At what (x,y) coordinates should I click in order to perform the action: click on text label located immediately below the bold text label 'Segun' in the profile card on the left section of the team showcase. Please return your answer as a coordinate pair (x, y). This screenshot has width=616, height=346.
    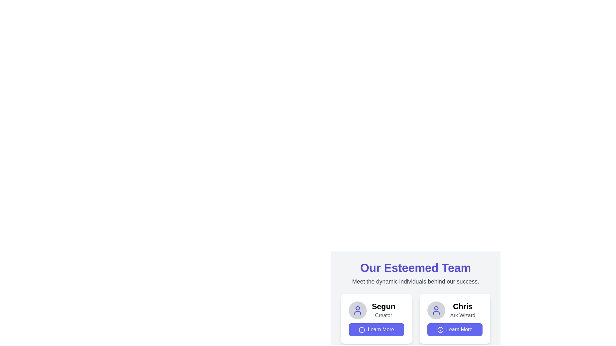
    Looking at the image, I should click on (383, 315).